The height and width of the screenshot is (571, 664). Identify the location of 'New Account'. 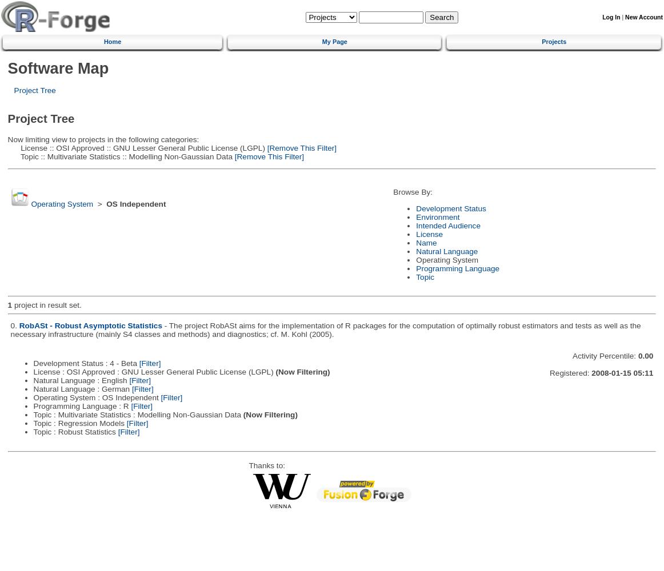
(643, 17).